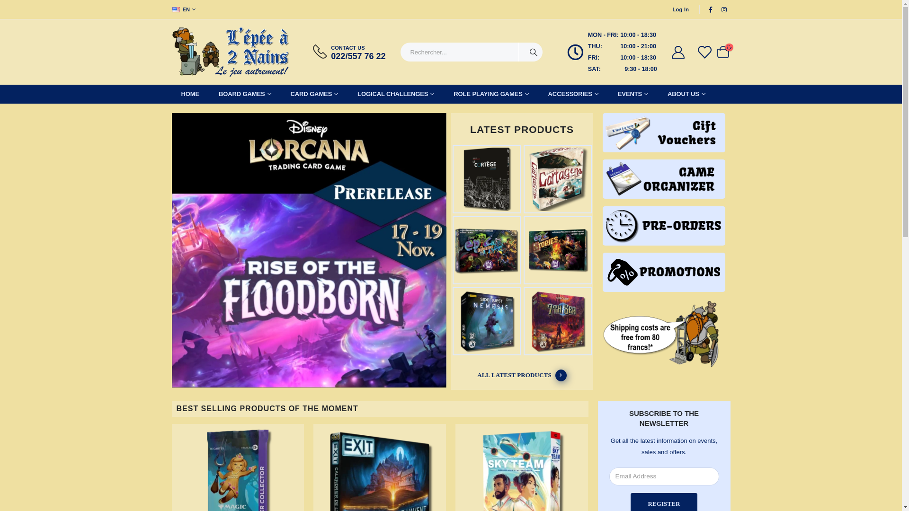 This screenshot has width=909, height=511. I want to click on 'precommandes-icon_en', so click(663, 226).